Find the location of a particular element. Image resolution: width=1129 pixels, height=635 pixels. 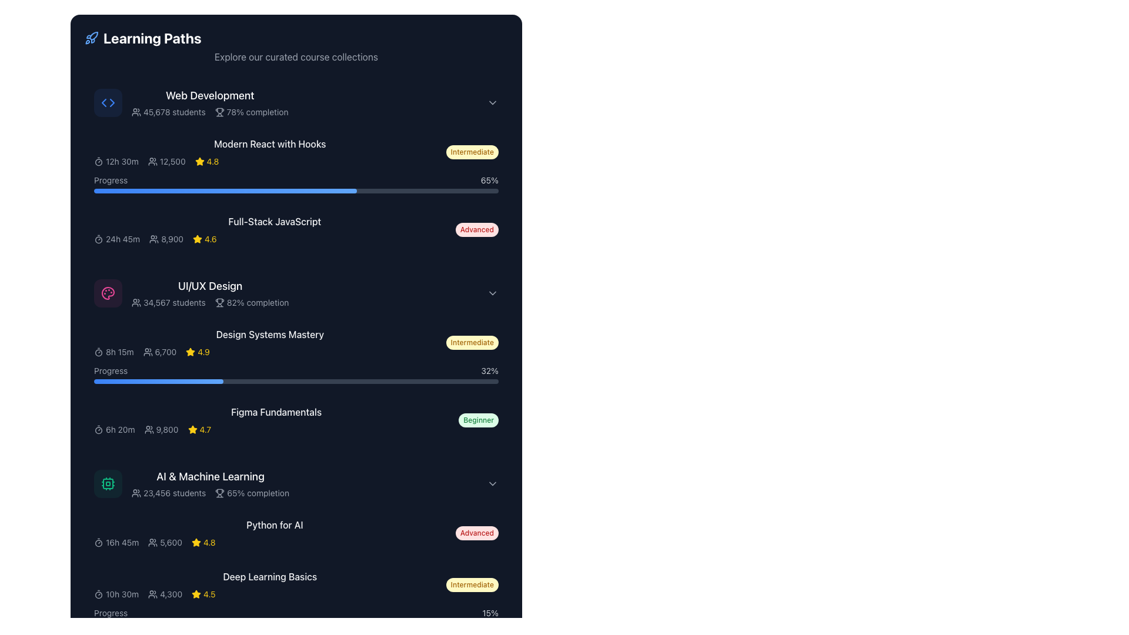

the textual label with the content 'Full-Stack JavaScript' for accessibility purposes is located at coordinates (274, 222).